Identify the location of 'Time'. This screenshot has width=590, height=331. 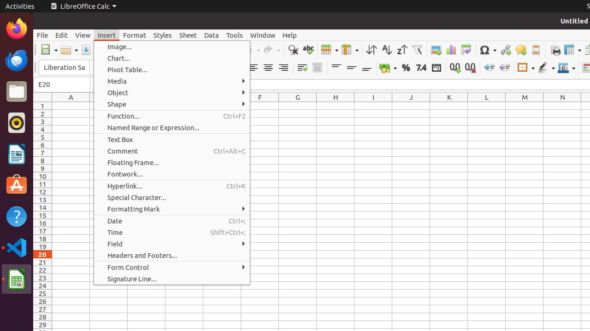
(171, 232).